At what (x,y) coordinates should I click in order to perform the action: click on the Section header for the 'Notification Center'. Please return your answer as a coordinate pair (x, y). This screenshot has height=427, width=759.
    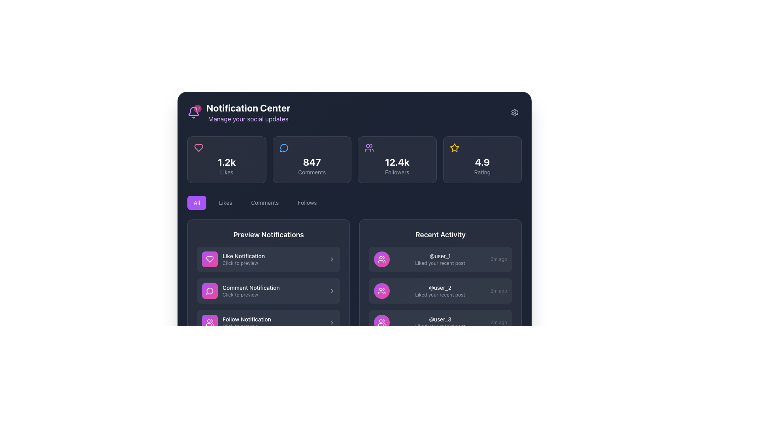
    Looking at the image, I should click on (238, 113).